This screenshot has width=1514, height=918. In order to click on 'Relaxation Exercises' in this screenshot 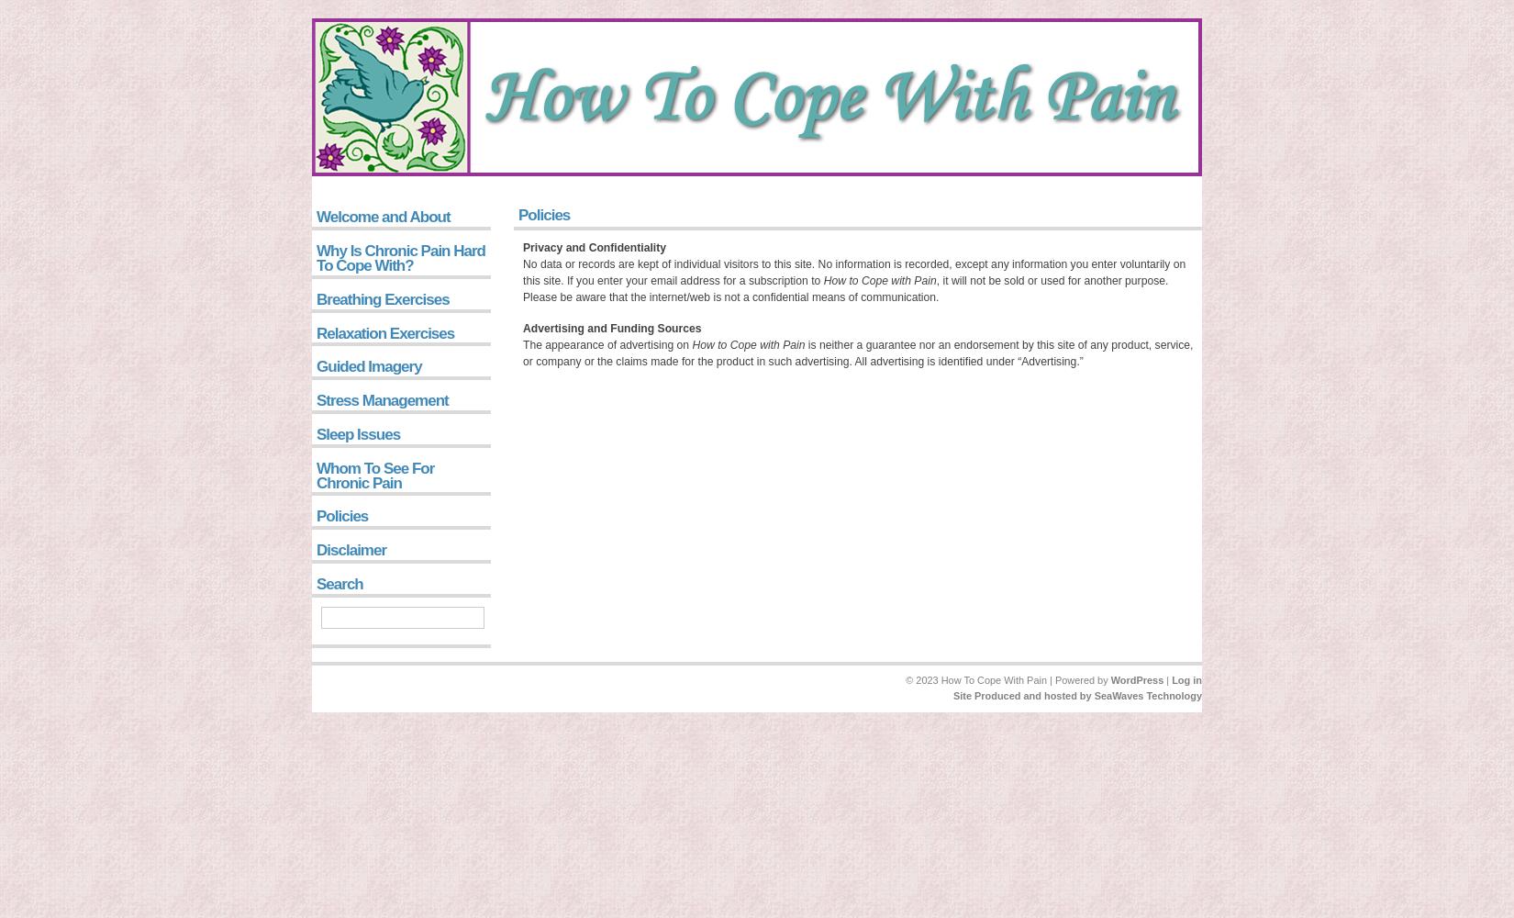, I will do `click(384, 331)`.